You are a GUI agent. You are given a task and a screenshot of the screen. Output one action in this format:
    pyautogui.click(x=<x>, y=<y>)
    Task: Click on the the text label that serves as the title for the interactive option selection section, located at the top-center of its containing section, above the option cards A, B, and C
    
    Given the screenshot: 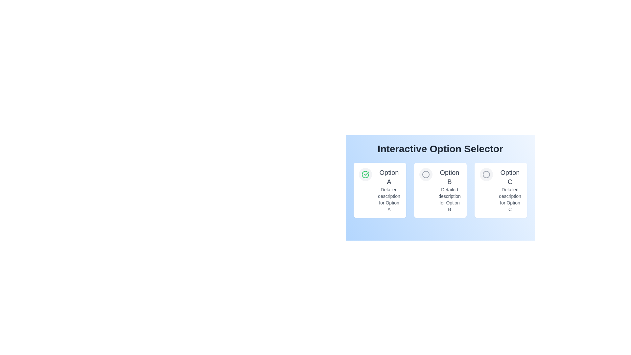 What is the action you would take?
    pyautogui.click(x=440, y=149)
    